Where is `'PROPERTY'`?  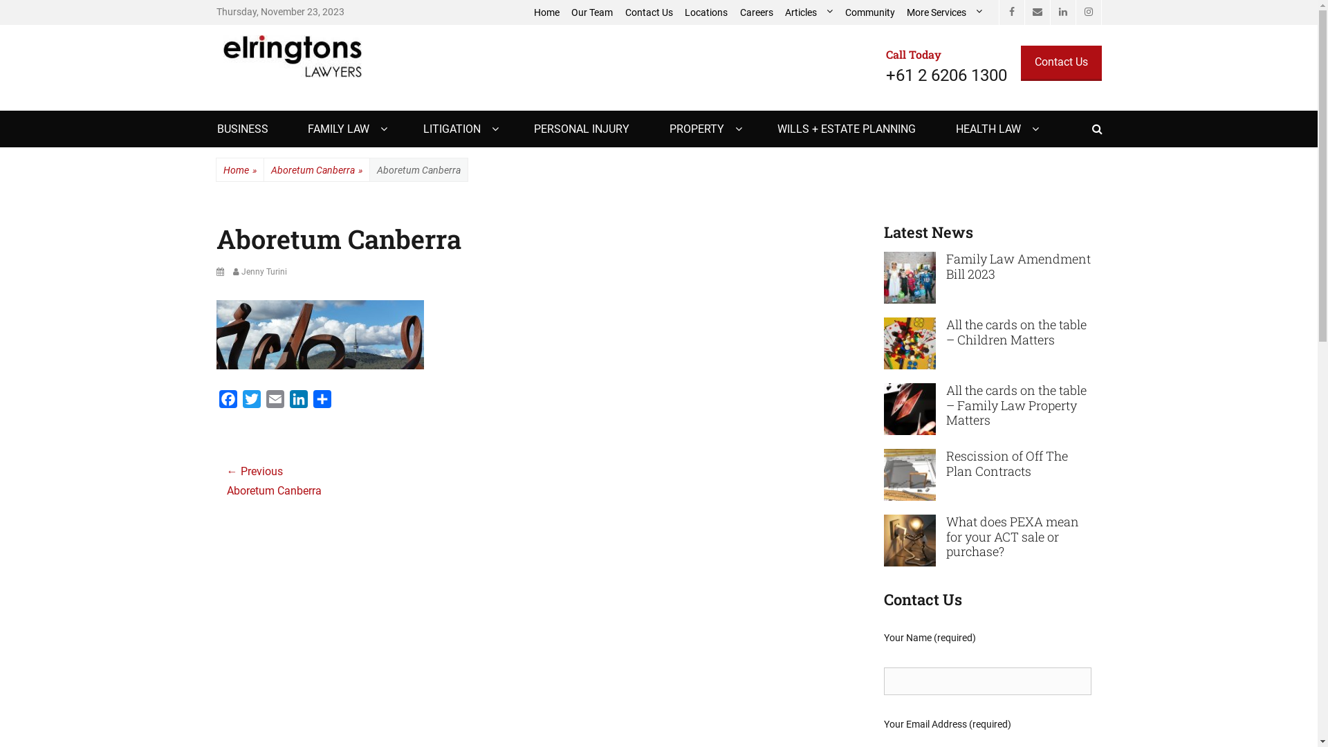 'PROPERTY' is located at coordinates (703, 129).